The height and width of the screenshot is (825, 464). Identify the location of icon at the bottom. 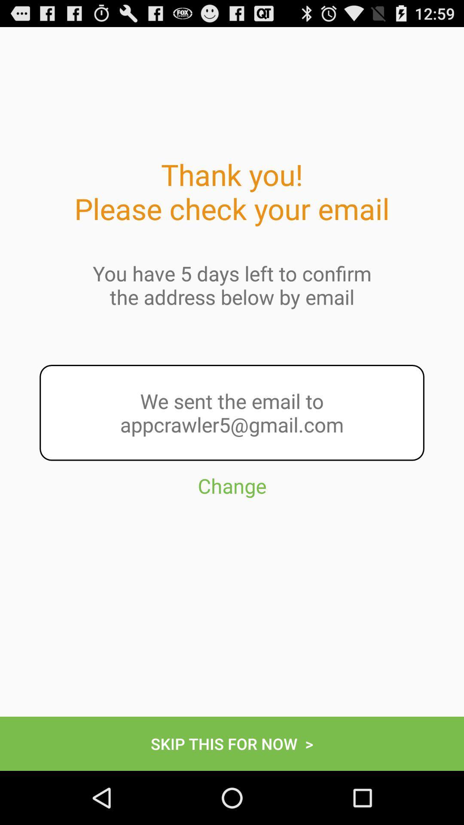
(232, 743).